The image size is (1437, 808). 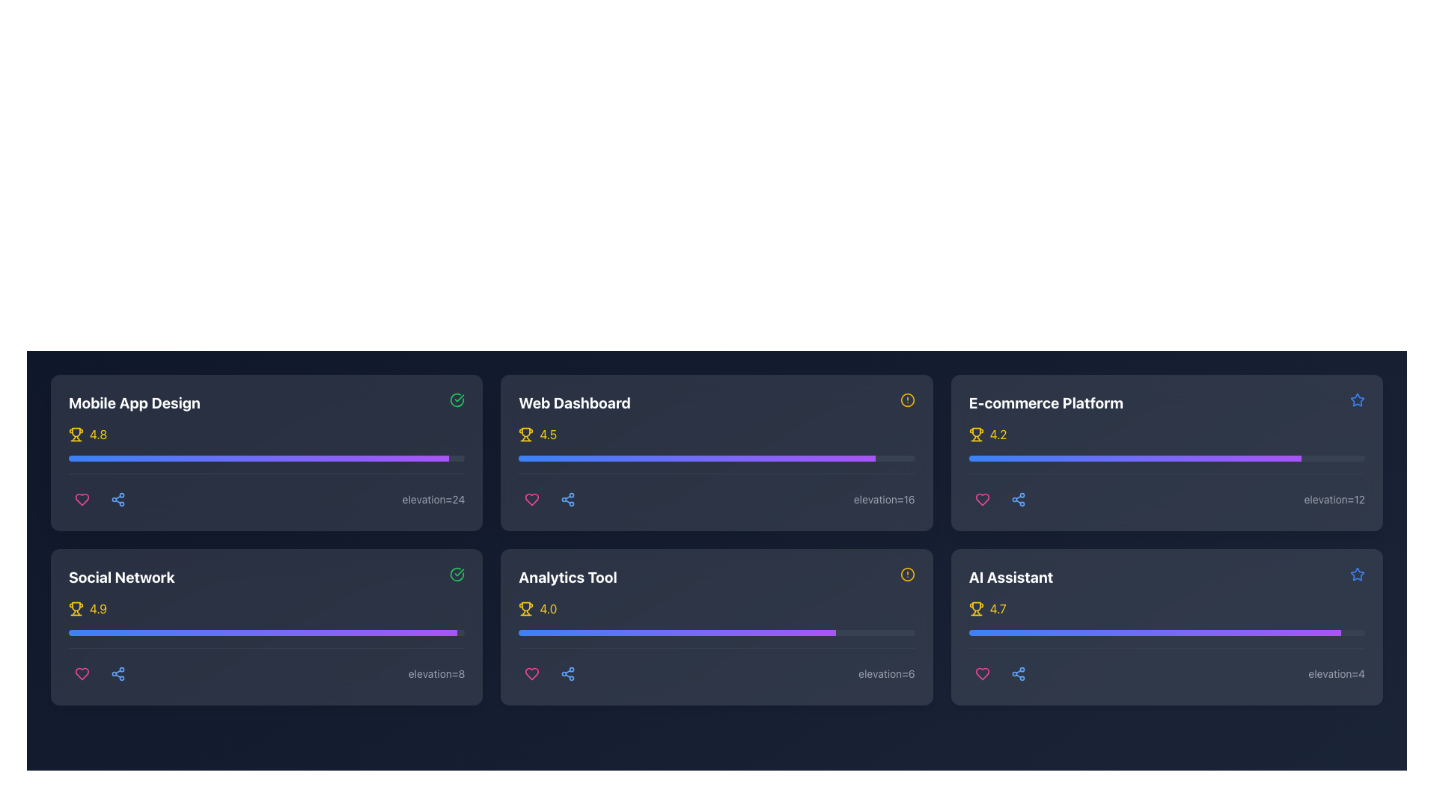 What do you see at coordinates (1358, 573) in the screenshot?
I see `the star icon with a hollow interior and blue outline located in the header area of the 'AI Assistant' card panel` at bounding box center [1358, 573].